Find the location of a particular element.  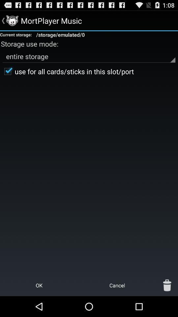

the delete icon is located at coordinates (167, 305).